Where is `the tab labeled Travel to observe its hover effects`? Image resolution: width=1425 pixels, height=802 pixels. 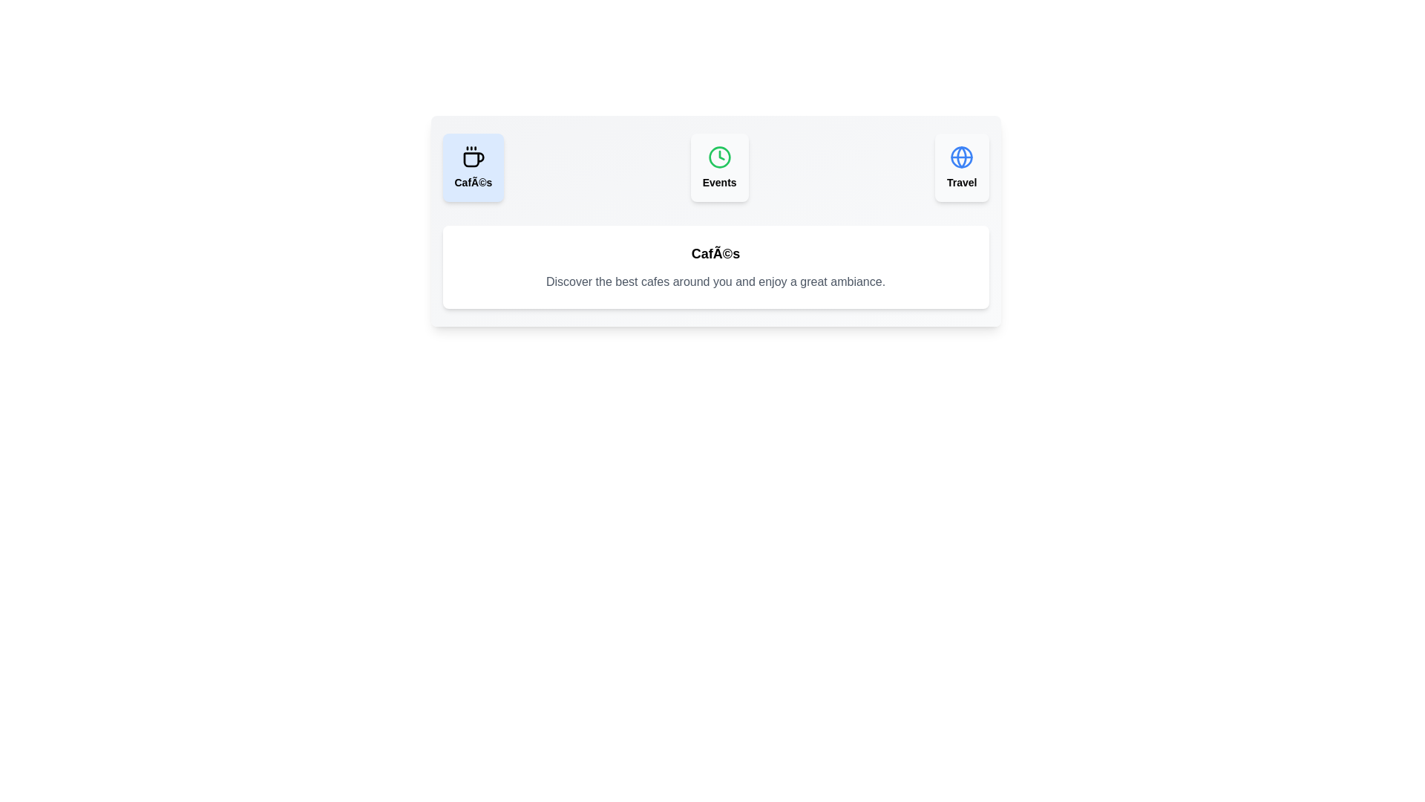 the tab labeled Travel to observe its hover effects is located at coordinates (962, 167).